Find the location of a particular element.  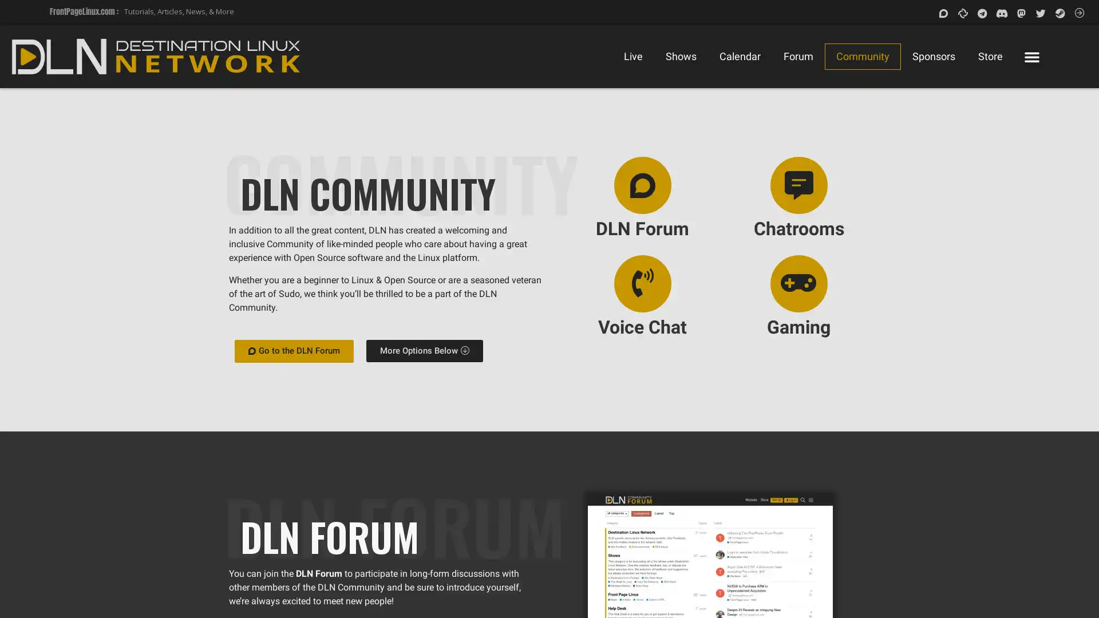

Menu Toggle is located at coordinates (1031, 57).